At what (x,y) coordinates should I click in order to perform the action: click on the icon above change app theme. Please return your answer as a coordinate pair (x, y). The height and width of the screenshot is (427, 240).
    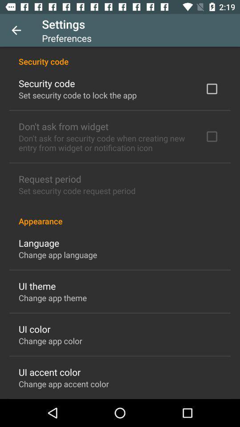
    Looking at the image, I should click on (36, 286).